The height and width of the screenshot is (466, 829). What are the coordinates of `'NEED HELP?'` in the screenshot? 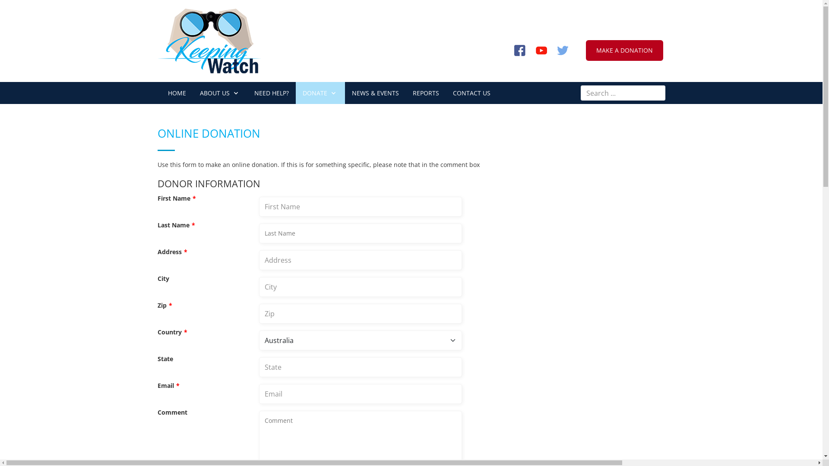 It's located at (246, 93).